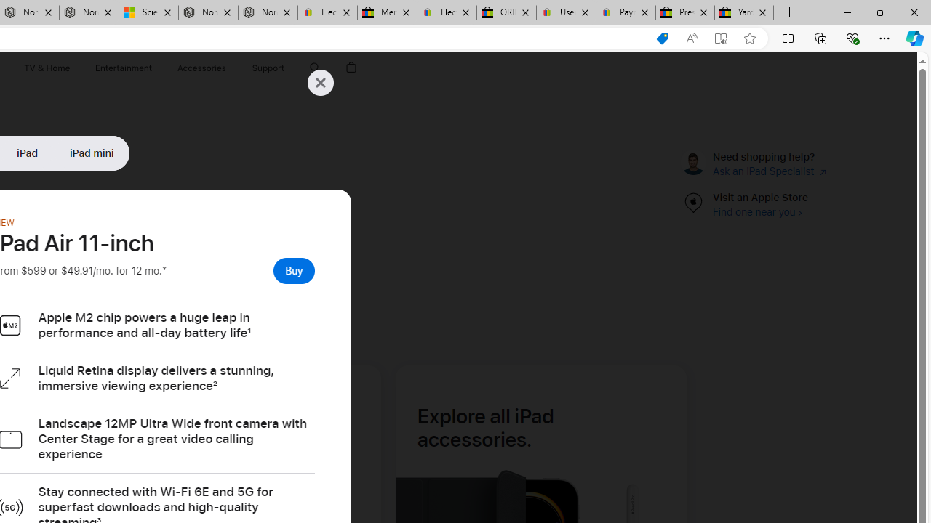 The width and height of the screenshot is (931, 523). I want to click on 'iPad', so click(27, 153).